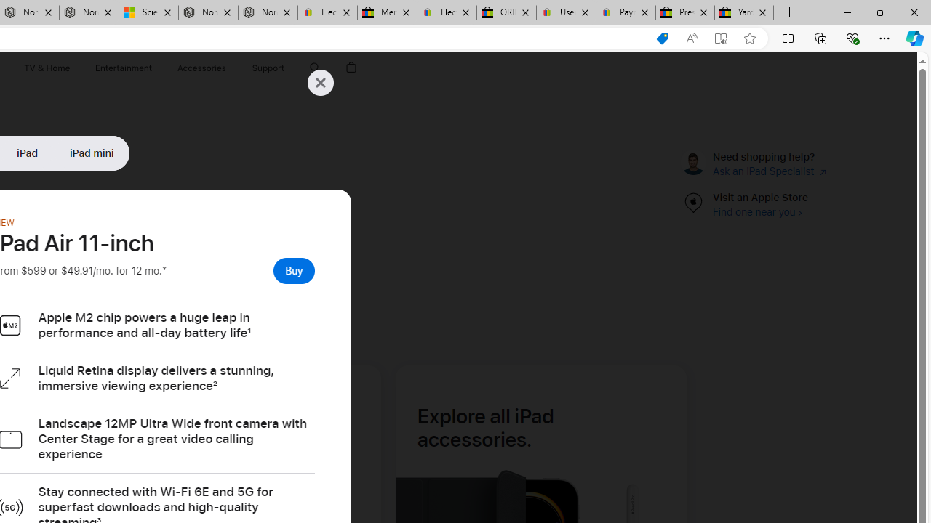 The width and height of the screenshot is (931, 523). I want to click on 'iPad', so click(27, 153).